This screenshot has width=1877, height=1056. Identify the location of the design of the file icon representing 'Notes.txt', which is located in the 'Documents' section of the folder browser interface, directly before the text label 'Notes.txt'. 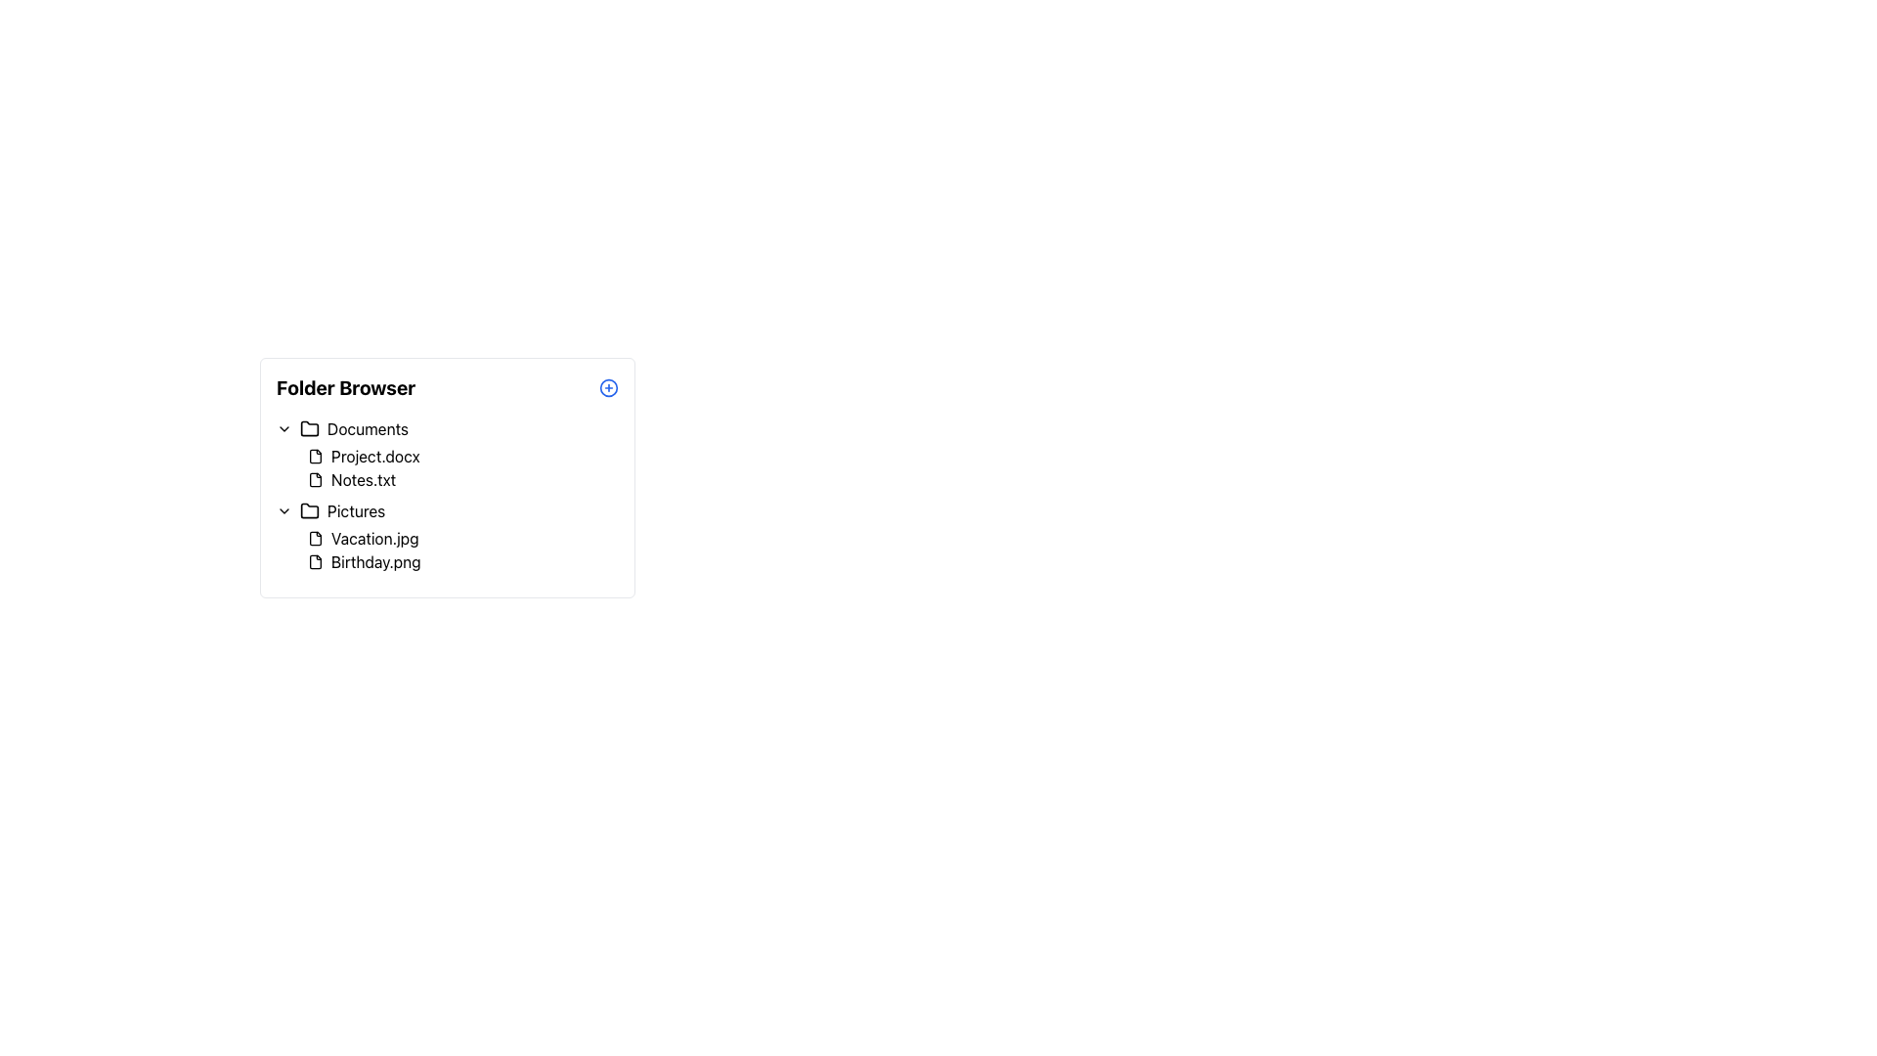
(315, 479).